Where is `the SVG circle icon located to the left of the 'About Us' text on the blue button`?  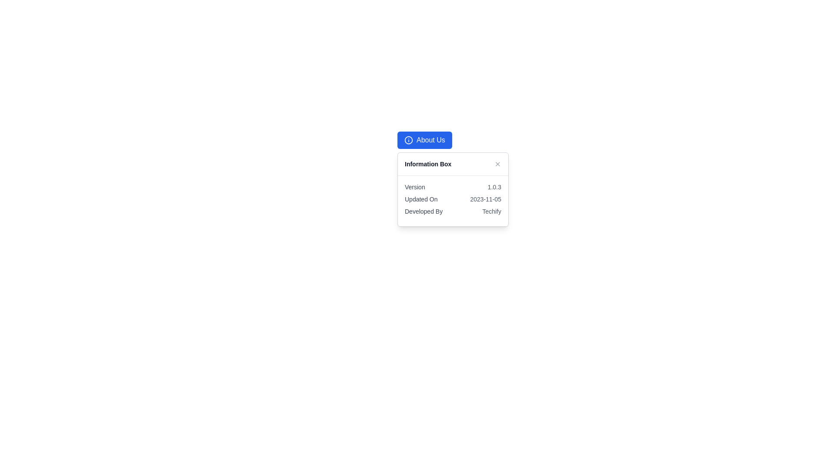
the SVG circle icon located to the left of the 'About Us' text on the blue button is located at coordinates (408, 140).